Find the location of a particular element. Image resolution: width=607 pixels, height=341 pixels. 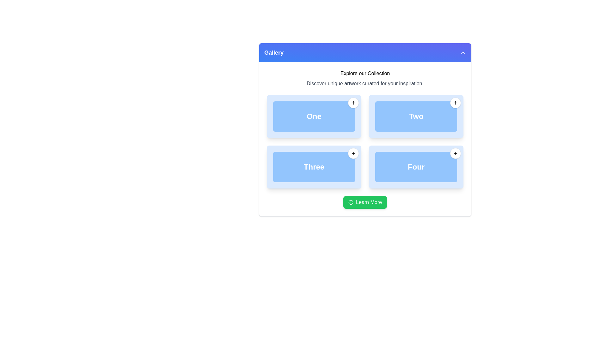

the '+' icon located at the top-right corner of the button labeled 'Three', which is part of a grid of four buttons is located at coordinates (353, 153).